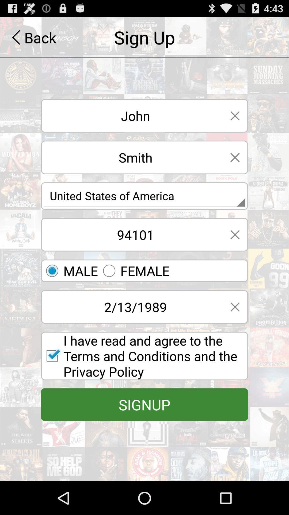 The height and width of the screenshot is (515, 289). What do you see at coordinates (235, 328) in the screenshot?
I see `the close icon` at bounding box center [235, 328].